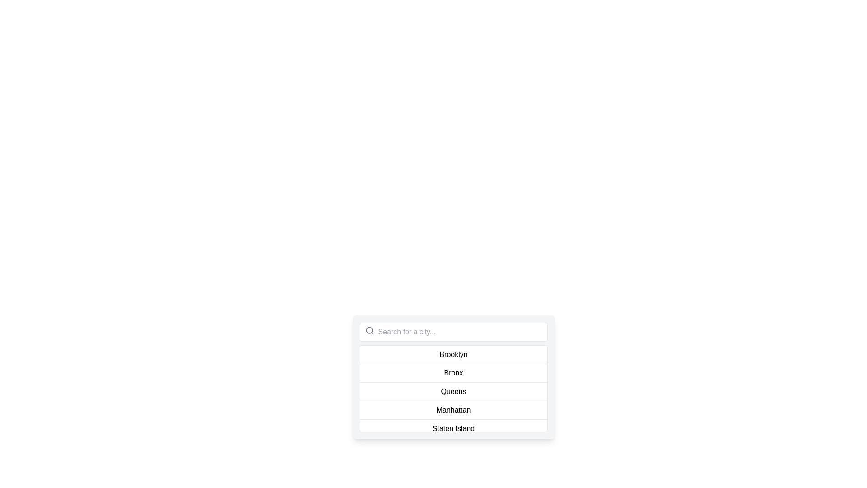 Image resolution: width=867 pixels, height=488 pixels. What do you see at coordinates (453, 373) in the screenshot?
I see `the list item labeled 'Bronx', which is the second item in the dropdown menu located below 'Brooklyn' and above 'Queens'` at bounding box center [453, 373].